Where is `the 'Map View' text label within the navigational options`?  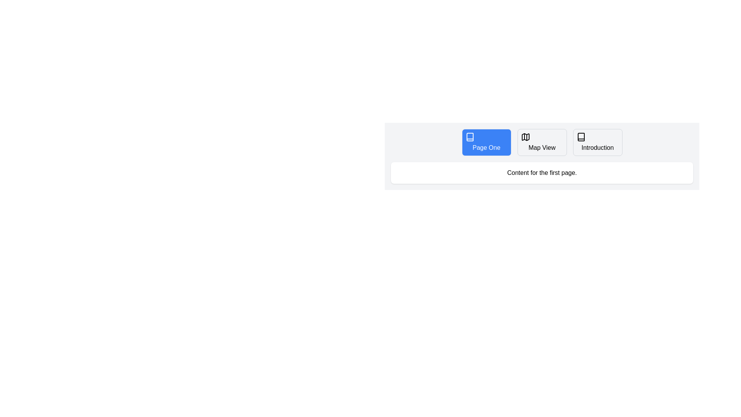 the 'Map View' text label within the navigational options is located at coordinates (541, 147).